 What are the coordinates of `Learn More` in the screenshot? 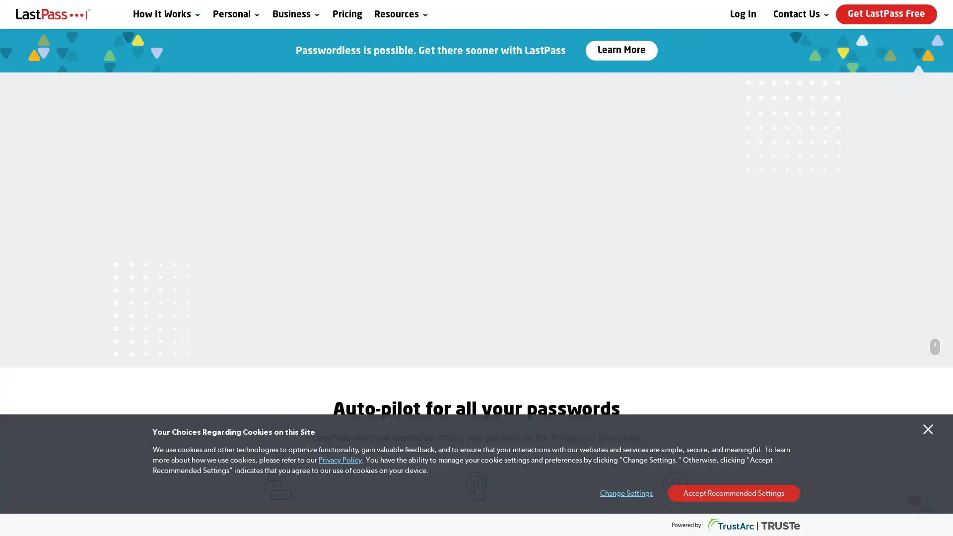 It's located at (620, 50).